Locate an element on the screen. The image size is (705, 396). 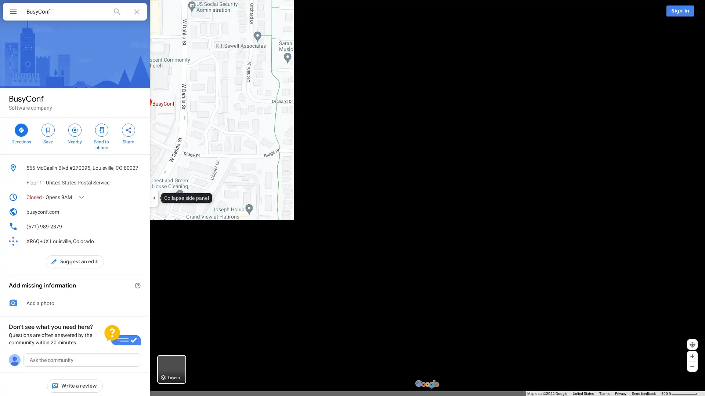
Software company is located at coordinates (30, 107).